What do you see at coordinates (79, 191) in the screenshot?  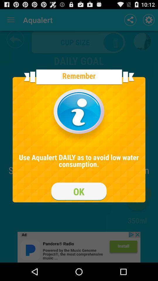 I see `ok box option` at bounding box center [79, 191].